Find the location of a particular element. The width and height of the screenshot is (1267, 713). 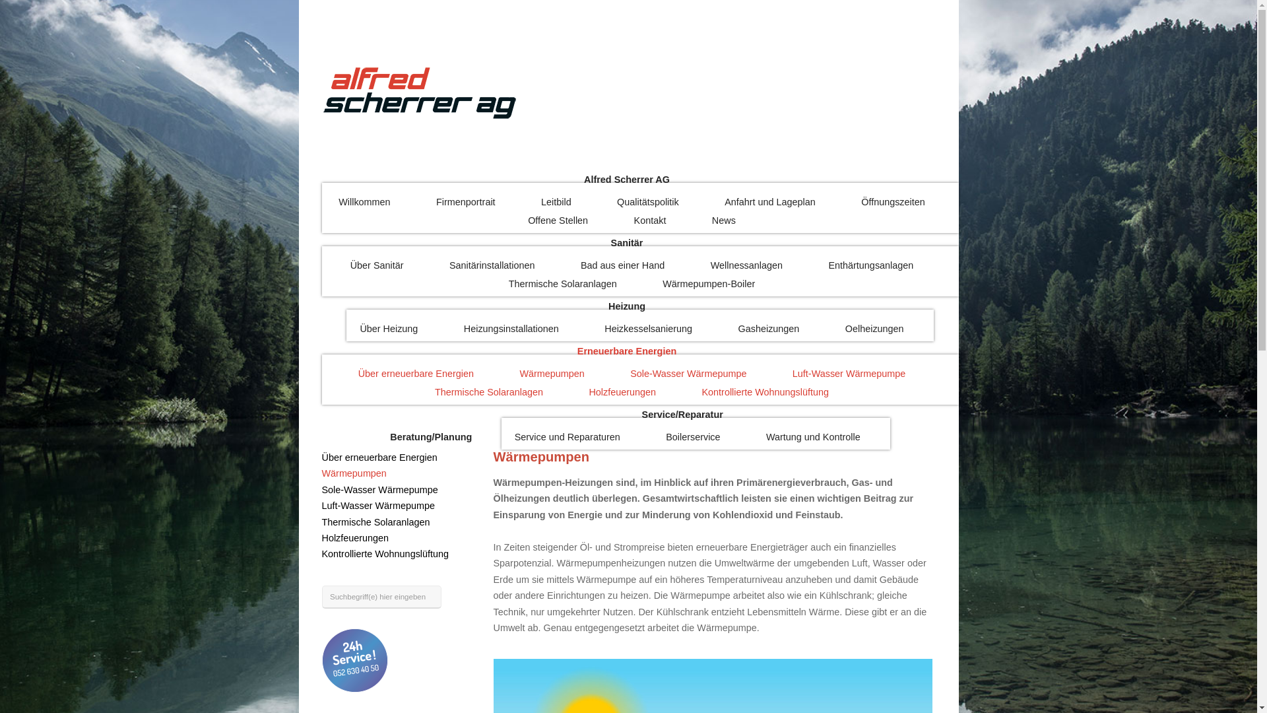

'News' is located at coordinates (723, 223).